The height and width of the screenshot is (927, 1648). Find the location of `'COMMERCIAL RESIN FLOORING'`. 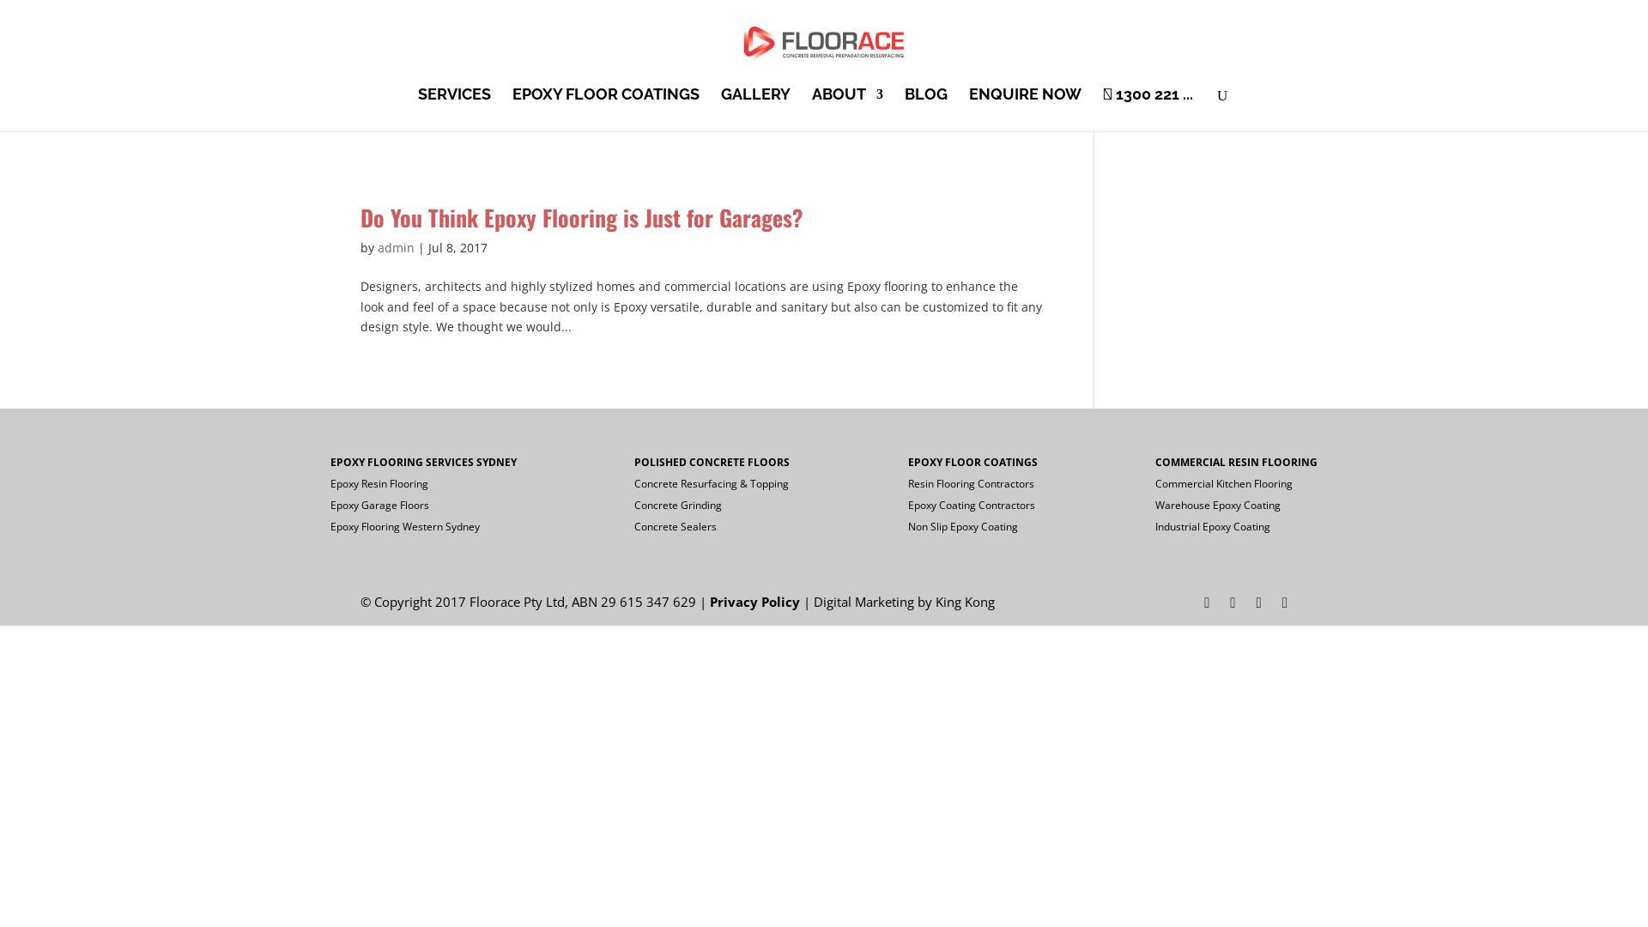

'COMMERCIAL RESIN FLOORING' is located at coordinates (1236, 461).